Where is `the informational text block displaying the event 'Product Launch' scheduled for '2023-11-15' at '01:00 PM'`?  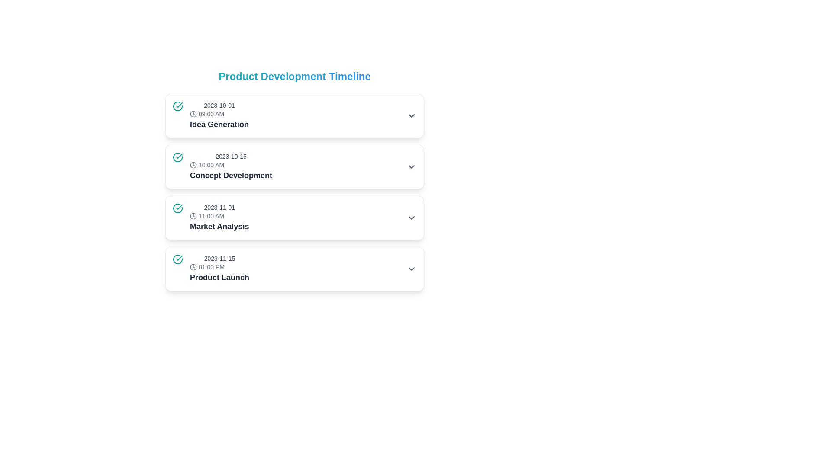 the informational text block displaying the event 'Product Launch' scheduled for '2023-11-15' at '01:00 PM' is located at coordinates (219, 268).